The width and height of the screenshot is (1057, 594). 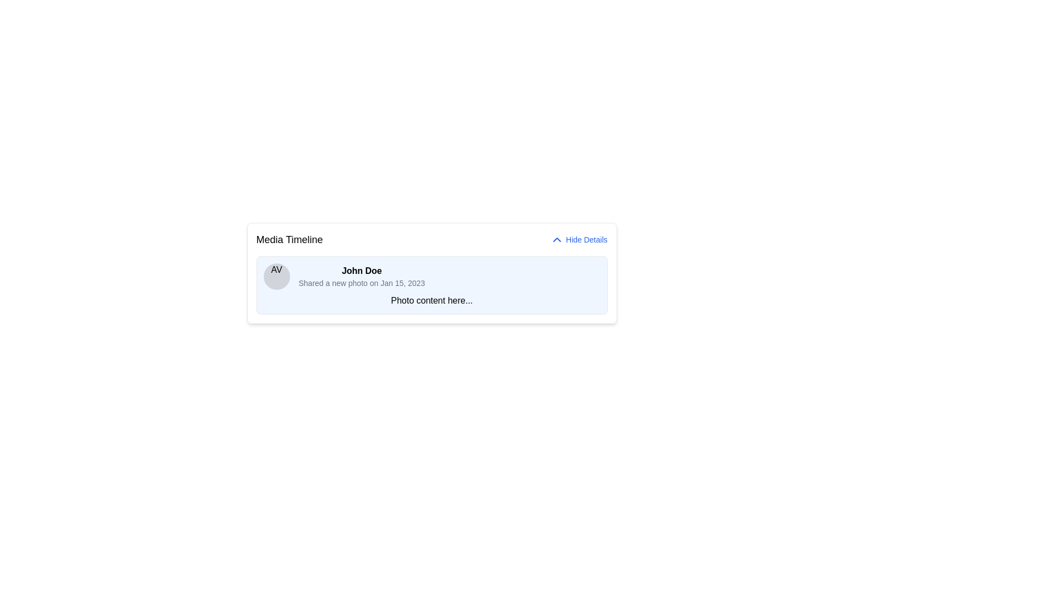 What do you see at coordinates (362, 283) in the screenshot?
I see `the text block containing the phrase 'Shared a new photo on Jan 15, 2023', which is styled in a smaller grey font and located below the bolded name 'John Doe' within the timeline card layout` at bounding box center [362, 283].